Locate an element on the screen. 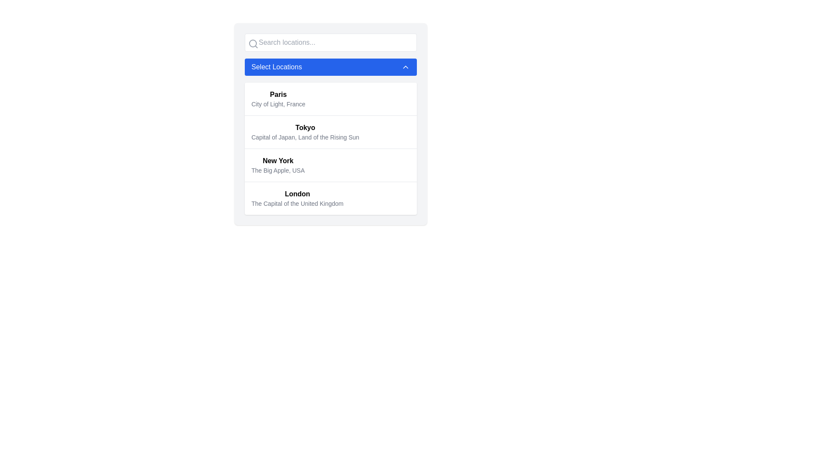 The width and height of the screenshot is (826, 465). the text-based list item displaying 'Paris' with the subtitle 'City of Light, France', located in the first row under 'Select Locations' is located at coordinates (278, 99).